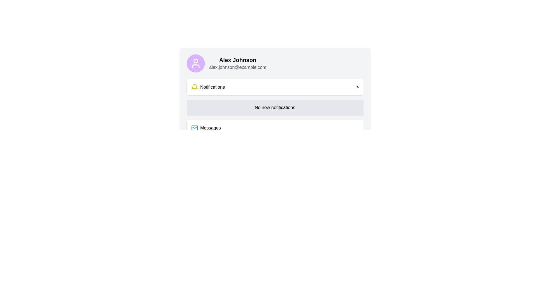  What do you see at coordinates (194, 86) in the screenshot?
I see `the bell-shaped notification icon, which is outlined in yellow and located to the left of the 'Notifications' label` at bounding box center [194, 86].